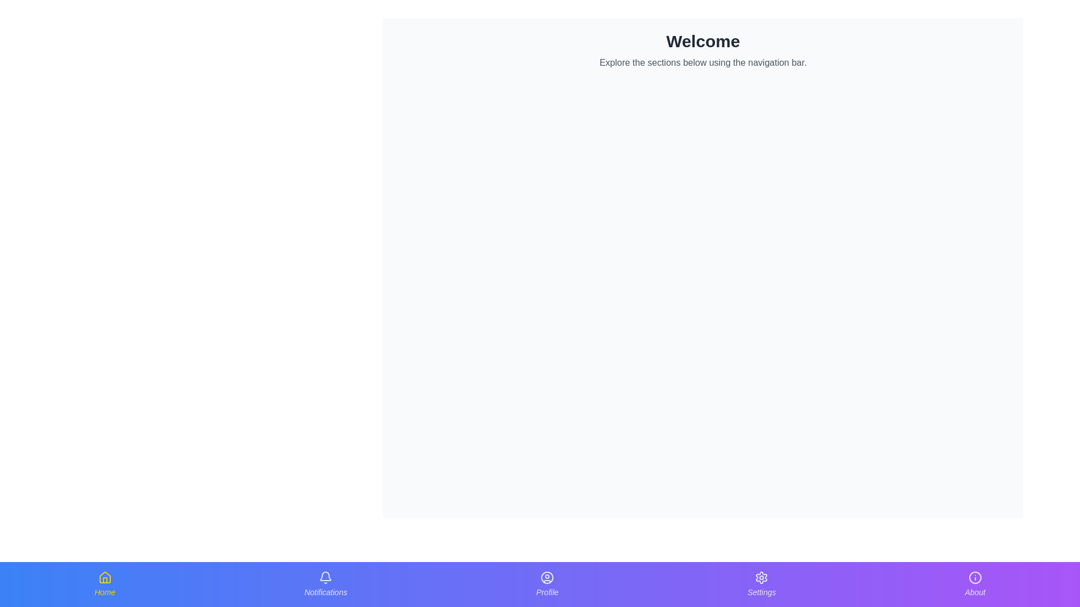  I want to click on the circular outline decorative element in the user profile icon located in the navigation bar at the bottom center of the interface, so click(547, 578).